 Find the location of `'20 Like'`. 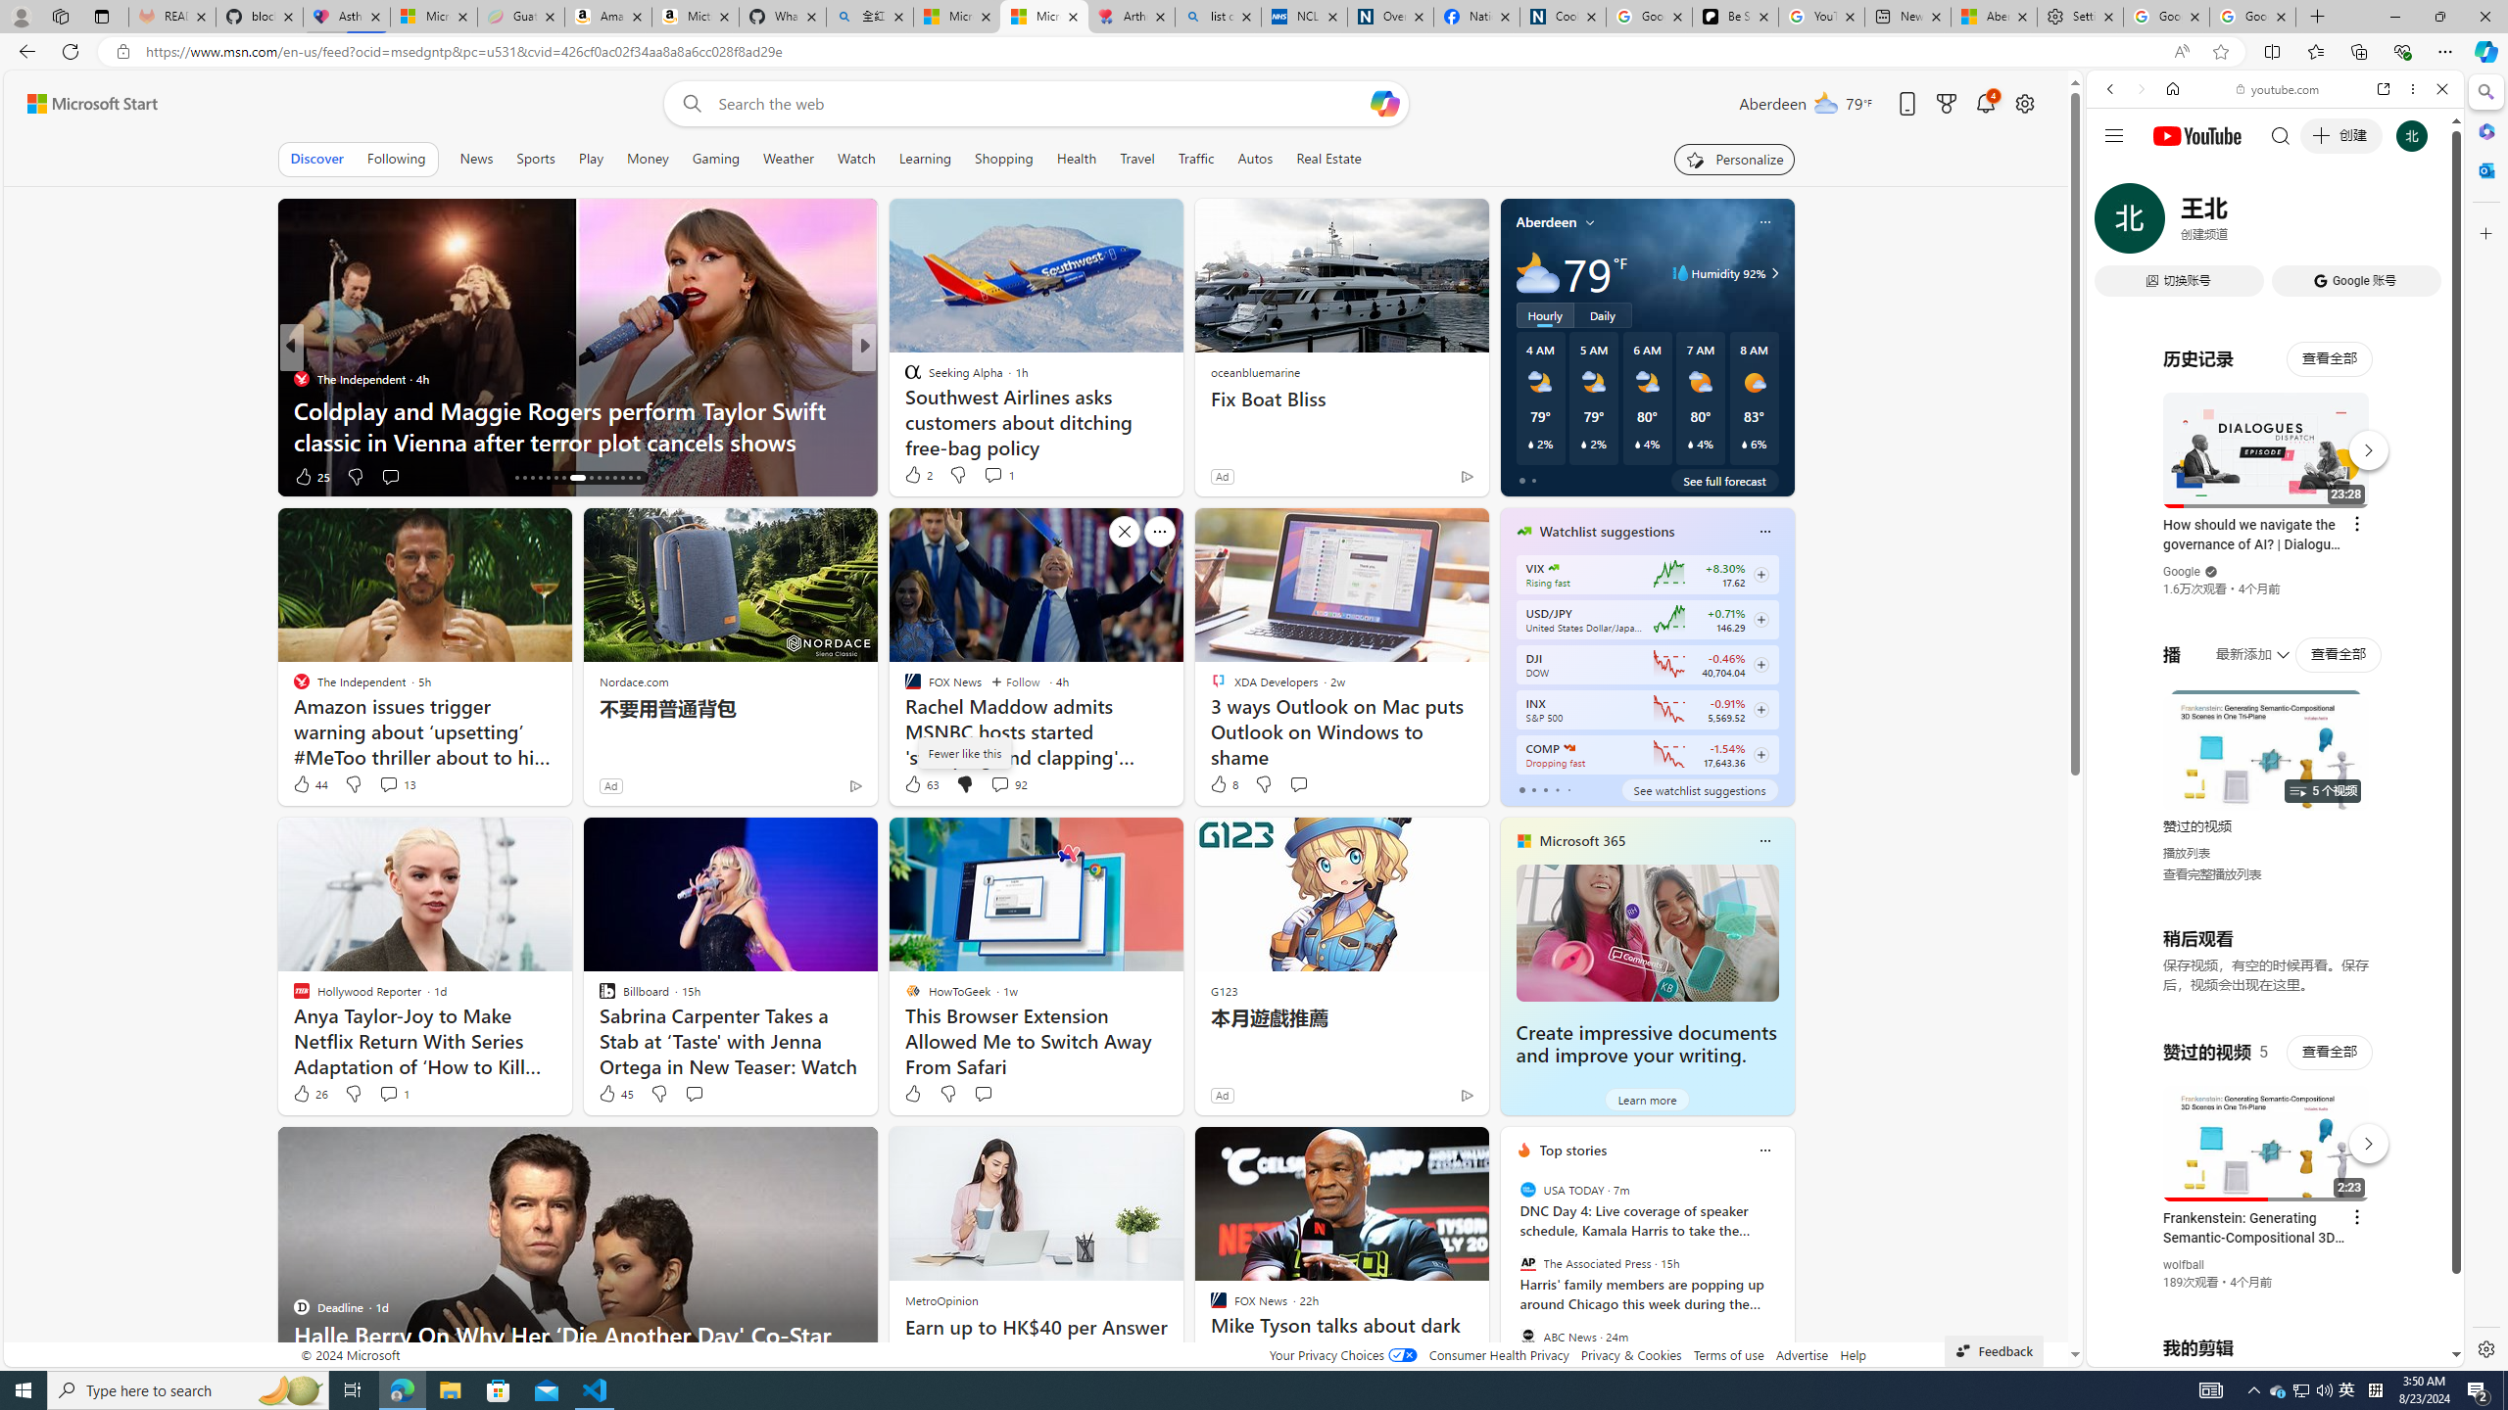

'20 Like' is located at coordinates (914, 476).